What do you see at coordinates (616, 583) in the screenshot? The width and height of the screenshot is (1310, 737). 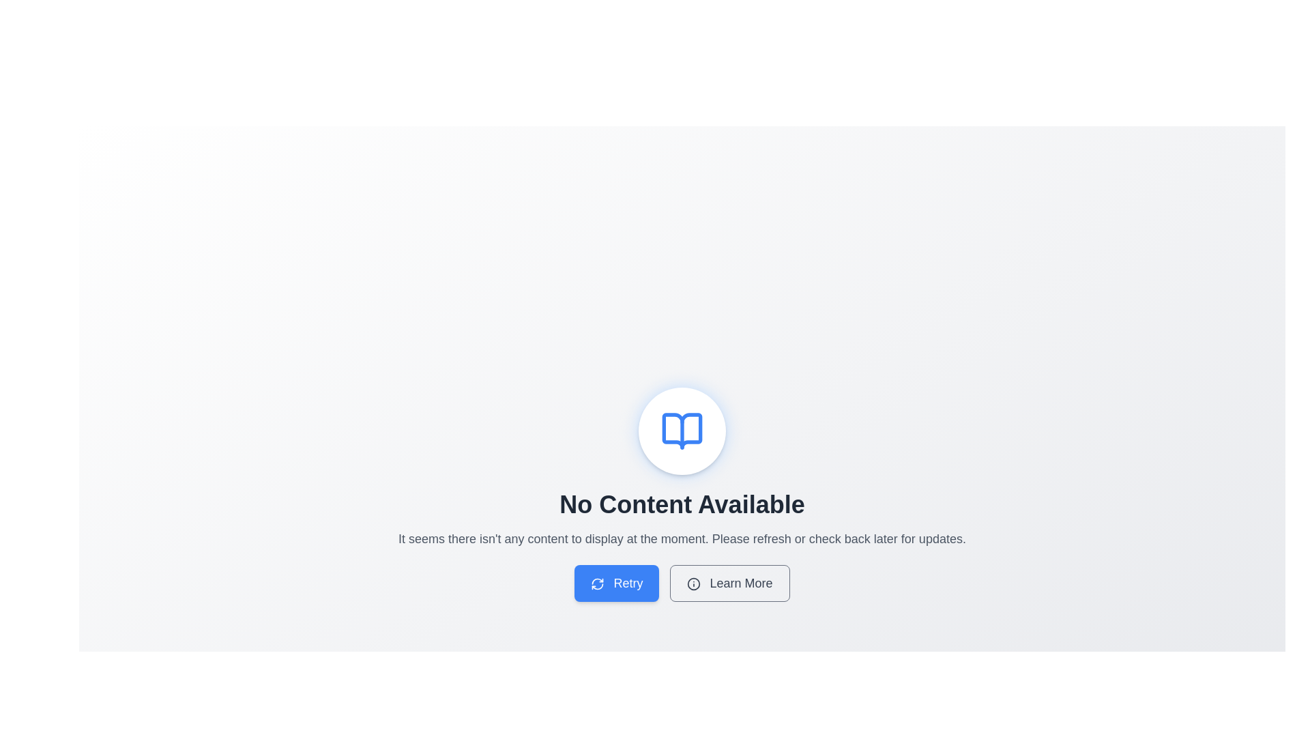 I see `keyboard navigation` at bounding box center [616, 583].